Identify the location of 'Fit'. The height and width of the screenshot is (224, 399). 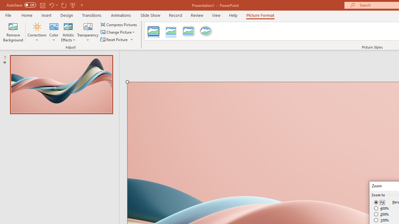
(379, 202).